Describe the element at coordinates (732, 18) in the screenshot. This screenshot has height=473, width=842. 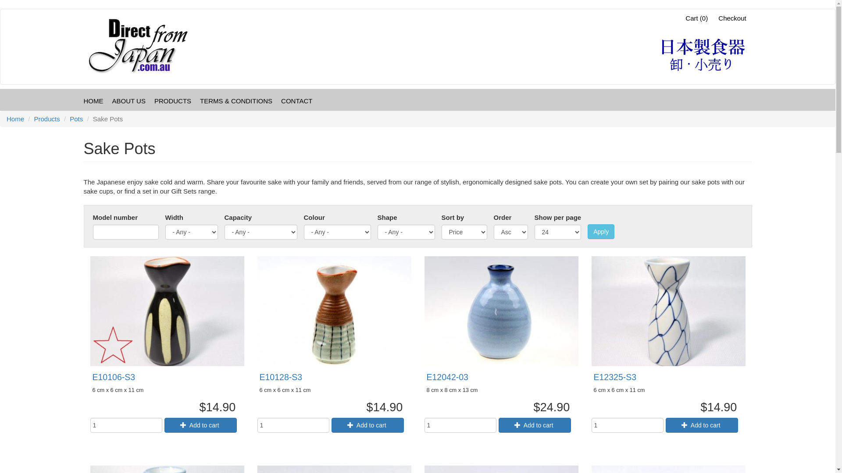
I see `'Checkout'` at that location.